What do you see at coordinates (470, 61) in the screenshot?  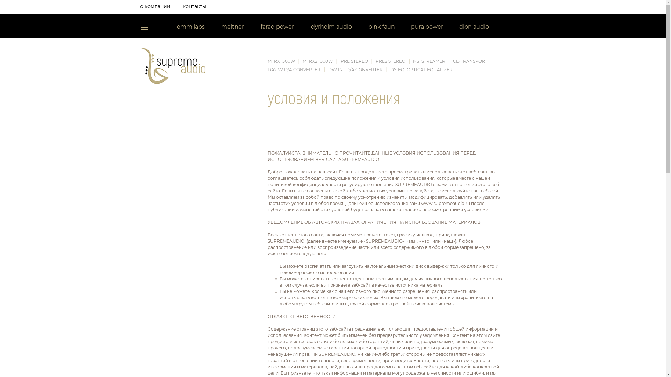 I see `'CD TRANSPORT'` at bounding box center [470, 61].